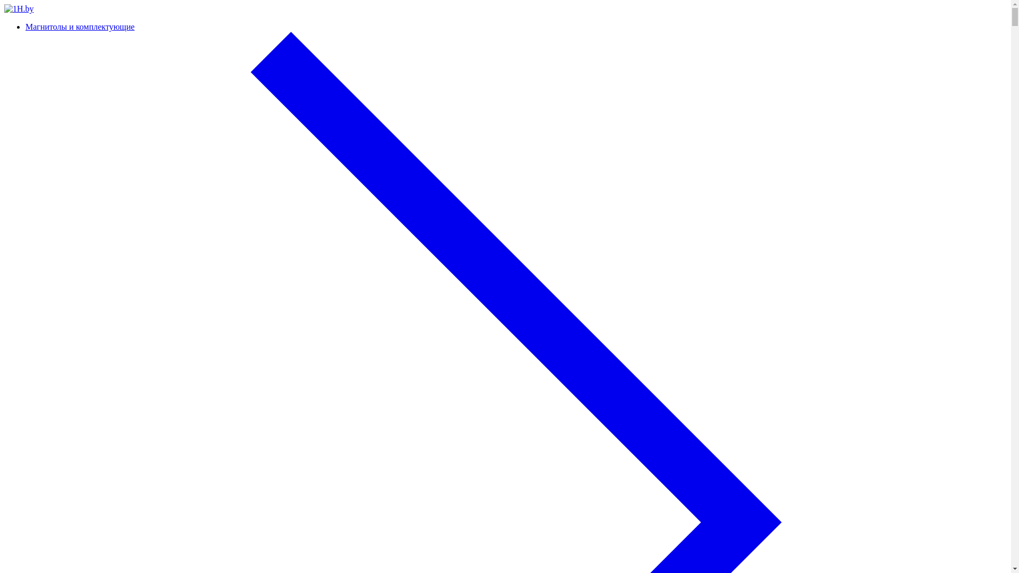 Image resolution: width=1019 pixels, height=573 pixels. Describe the element at coordinates (19, 8) in the screenshot. I see `'1H.by'` at that location.